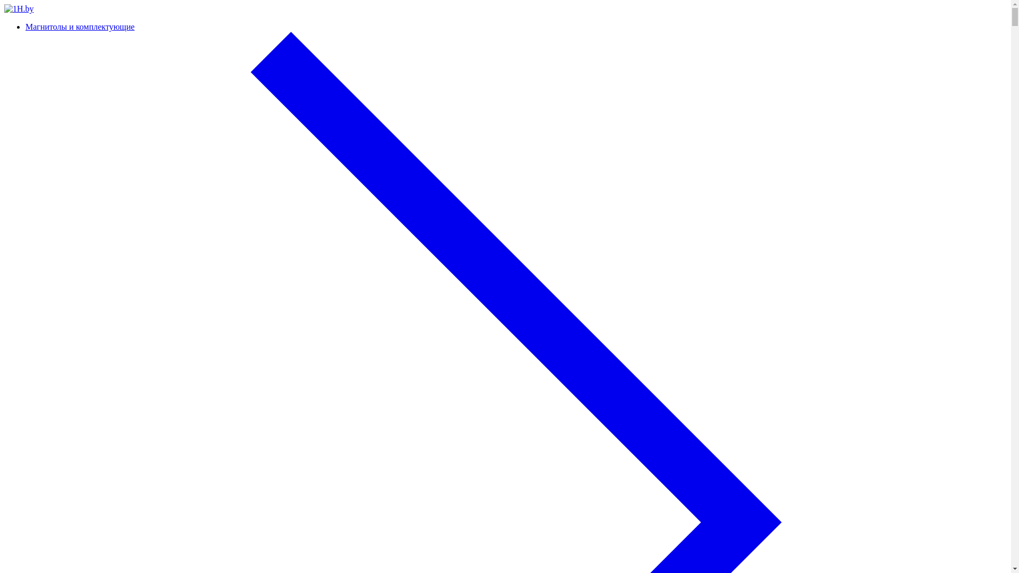 Image resolution: width=1019 pixels, height=573 pixels. Describe the element at coordinates (19, 8) in the screenshot. I see `'1H.by'` at that location.